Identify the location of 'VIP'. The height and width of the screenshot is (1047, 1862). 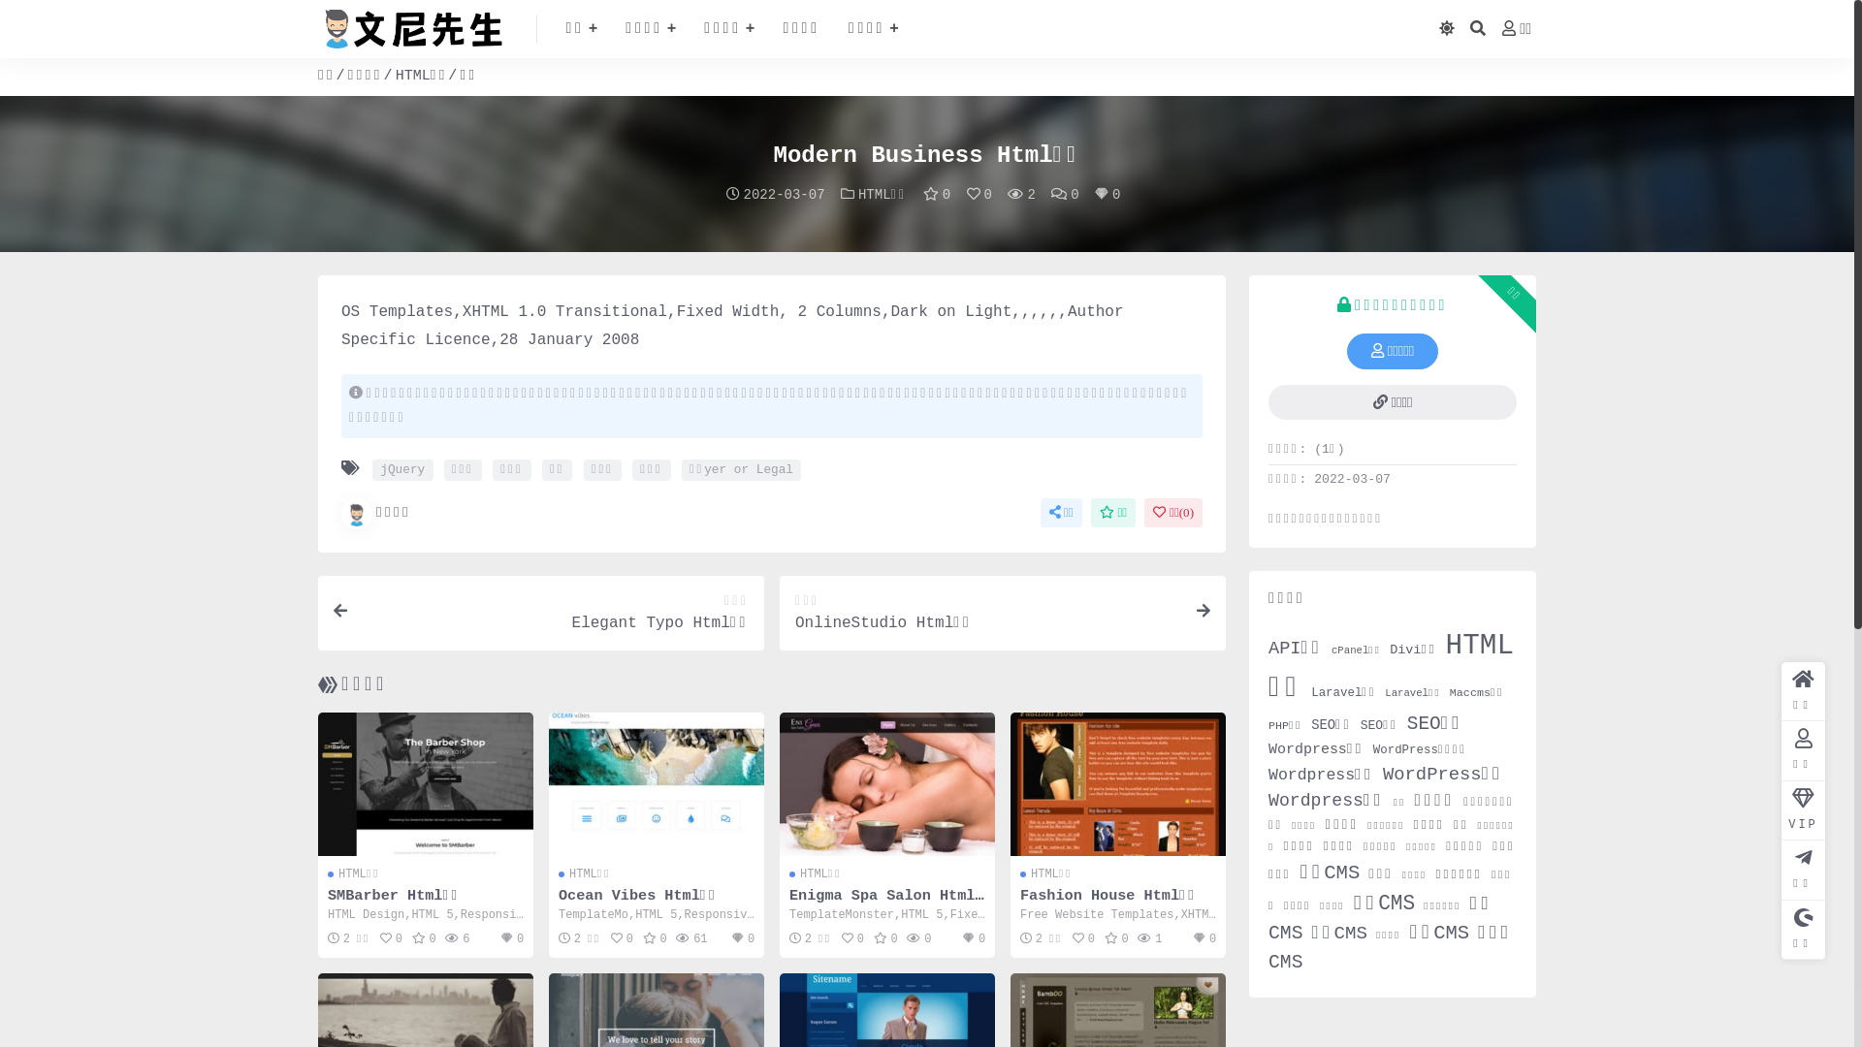
(1802, 810).